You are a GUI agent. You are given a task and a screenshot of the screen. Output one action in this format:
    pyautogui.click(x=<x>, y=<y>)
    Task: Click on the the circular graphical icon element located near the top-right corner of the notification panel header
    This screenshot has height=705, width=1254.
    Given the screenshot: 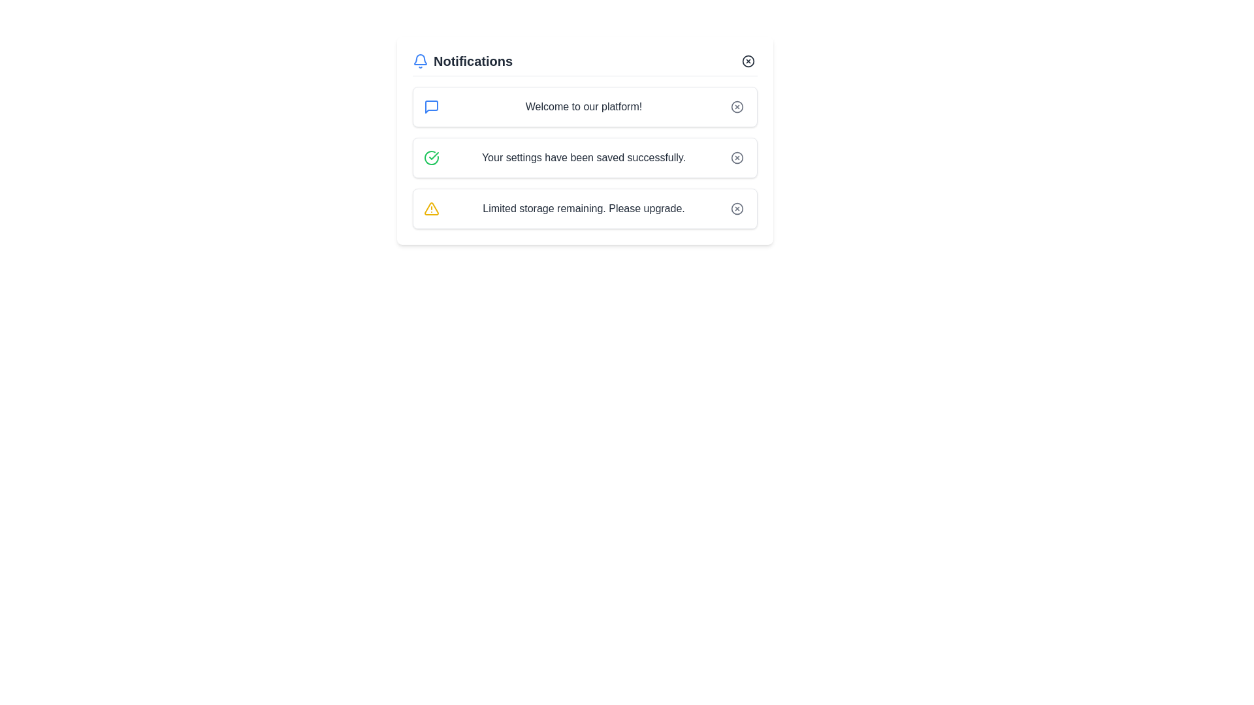 What is the action you would take?
    pyautogui.click(x=748, y=61)
    